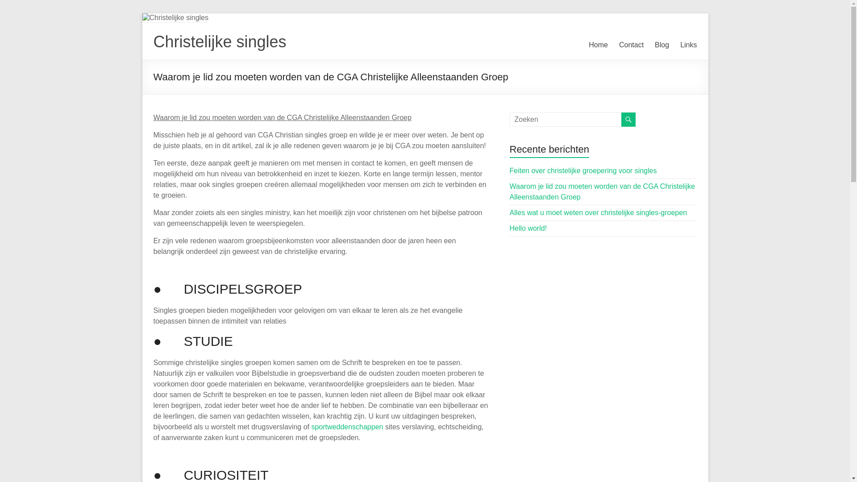  Describe the element at coordinates (679, 45) in the screenshot. I see `'Links'` at that location.